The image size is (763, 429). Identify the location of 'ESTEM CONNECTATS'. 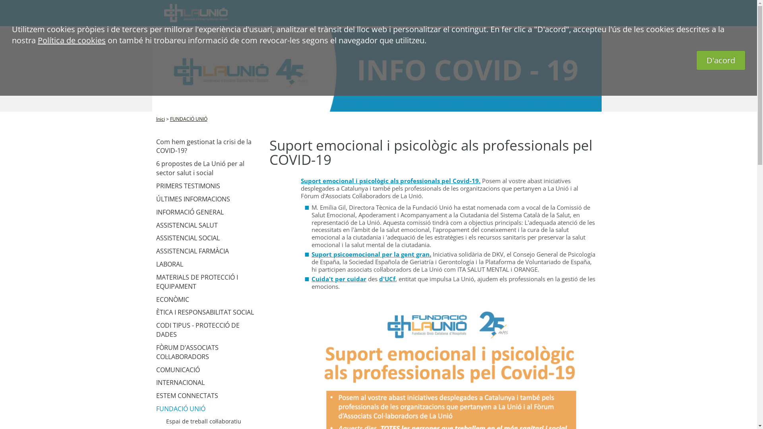
(208, 396).